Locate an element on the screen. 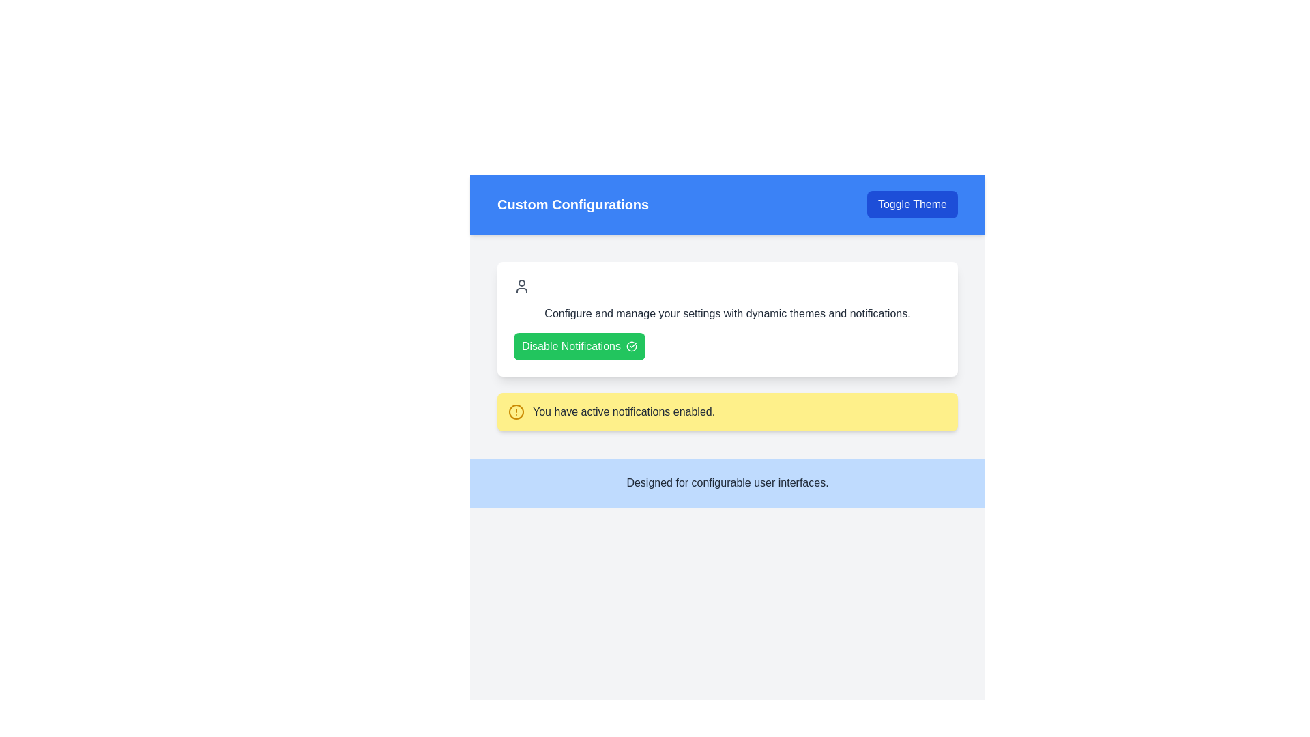 The image size is (1310, 737). the green button labeled 'Disable Notifications' with a checkmark icon is located at coordinates (579, 346).